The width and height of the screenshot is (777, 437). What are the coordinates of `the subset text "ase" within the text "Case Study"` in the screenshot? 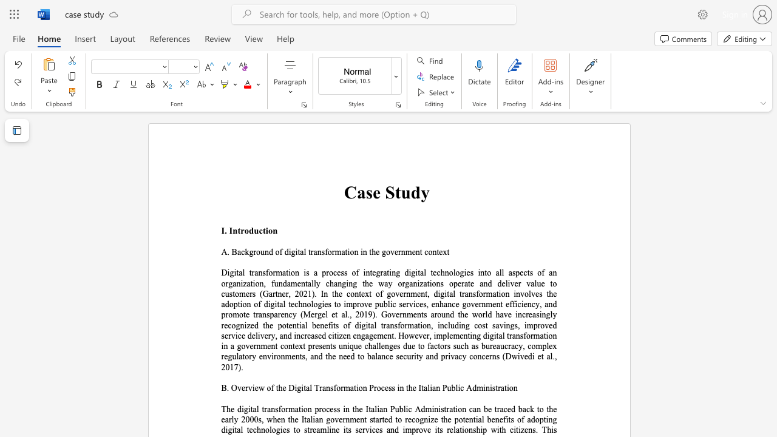 It's located at (356, 192).